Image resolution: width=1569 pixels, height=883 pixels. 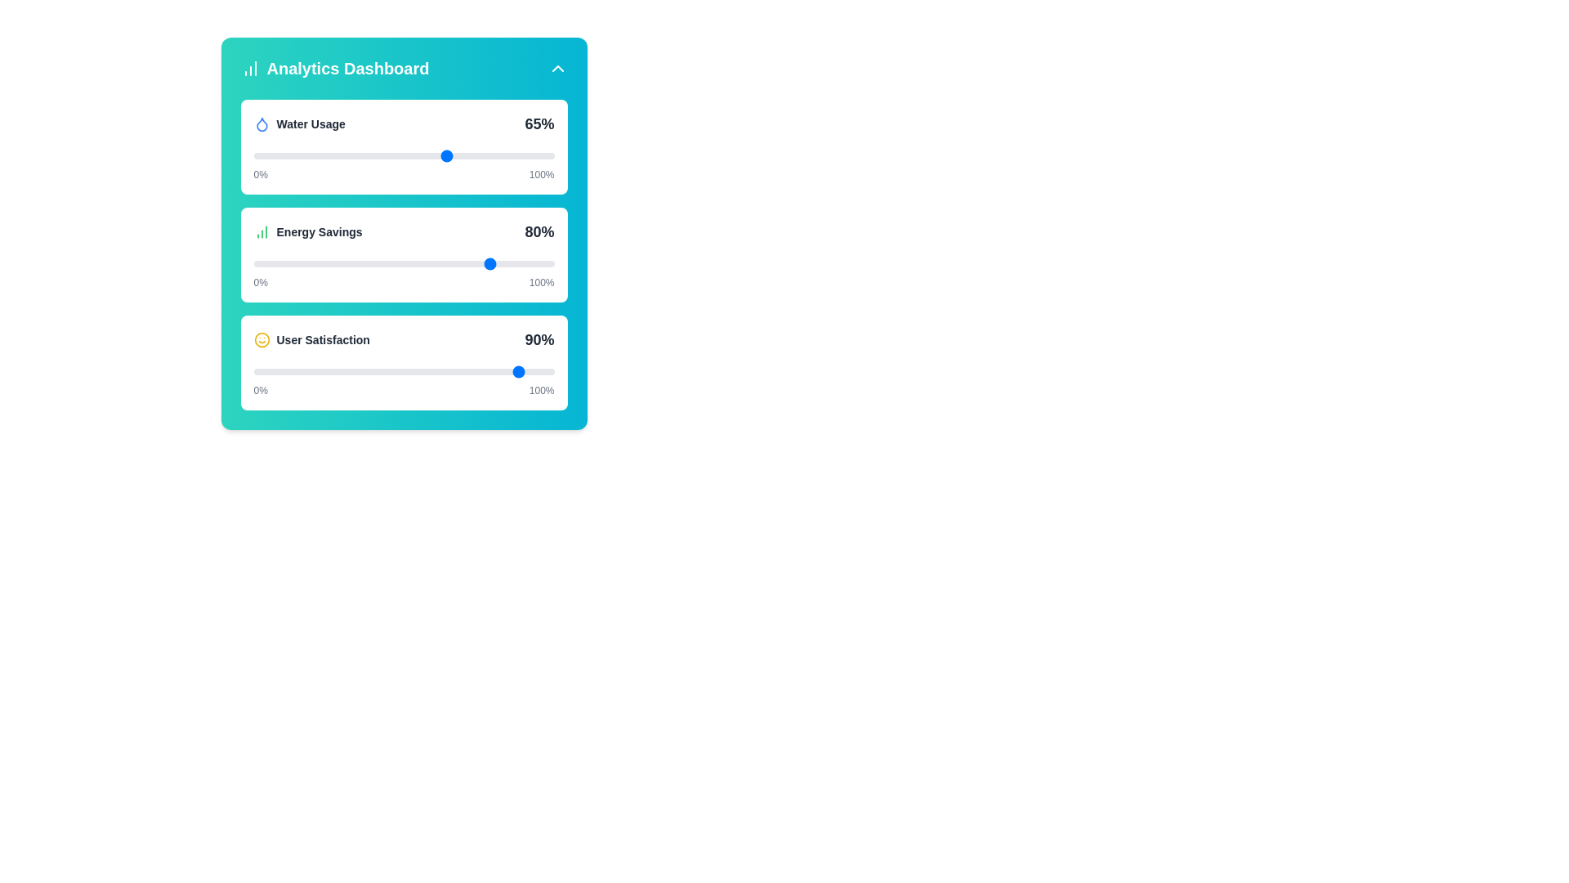 What do you see at coordinates (404, 156) in the screenshot?
I see `the Slider input element located in the 'Water Usage' section of the Analytics Dashboard, positioned below the label '65%' and above '0%' and '100%'` at bounding box center [404, 156].